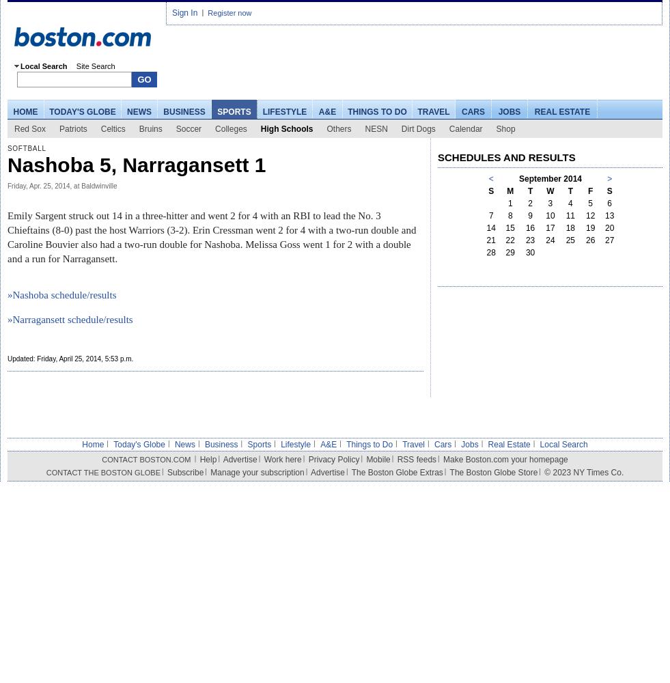  What do you see at coordinates (229, 128) in the screenshot?
I see `'Colleges'` at bounding box center [229, 128].